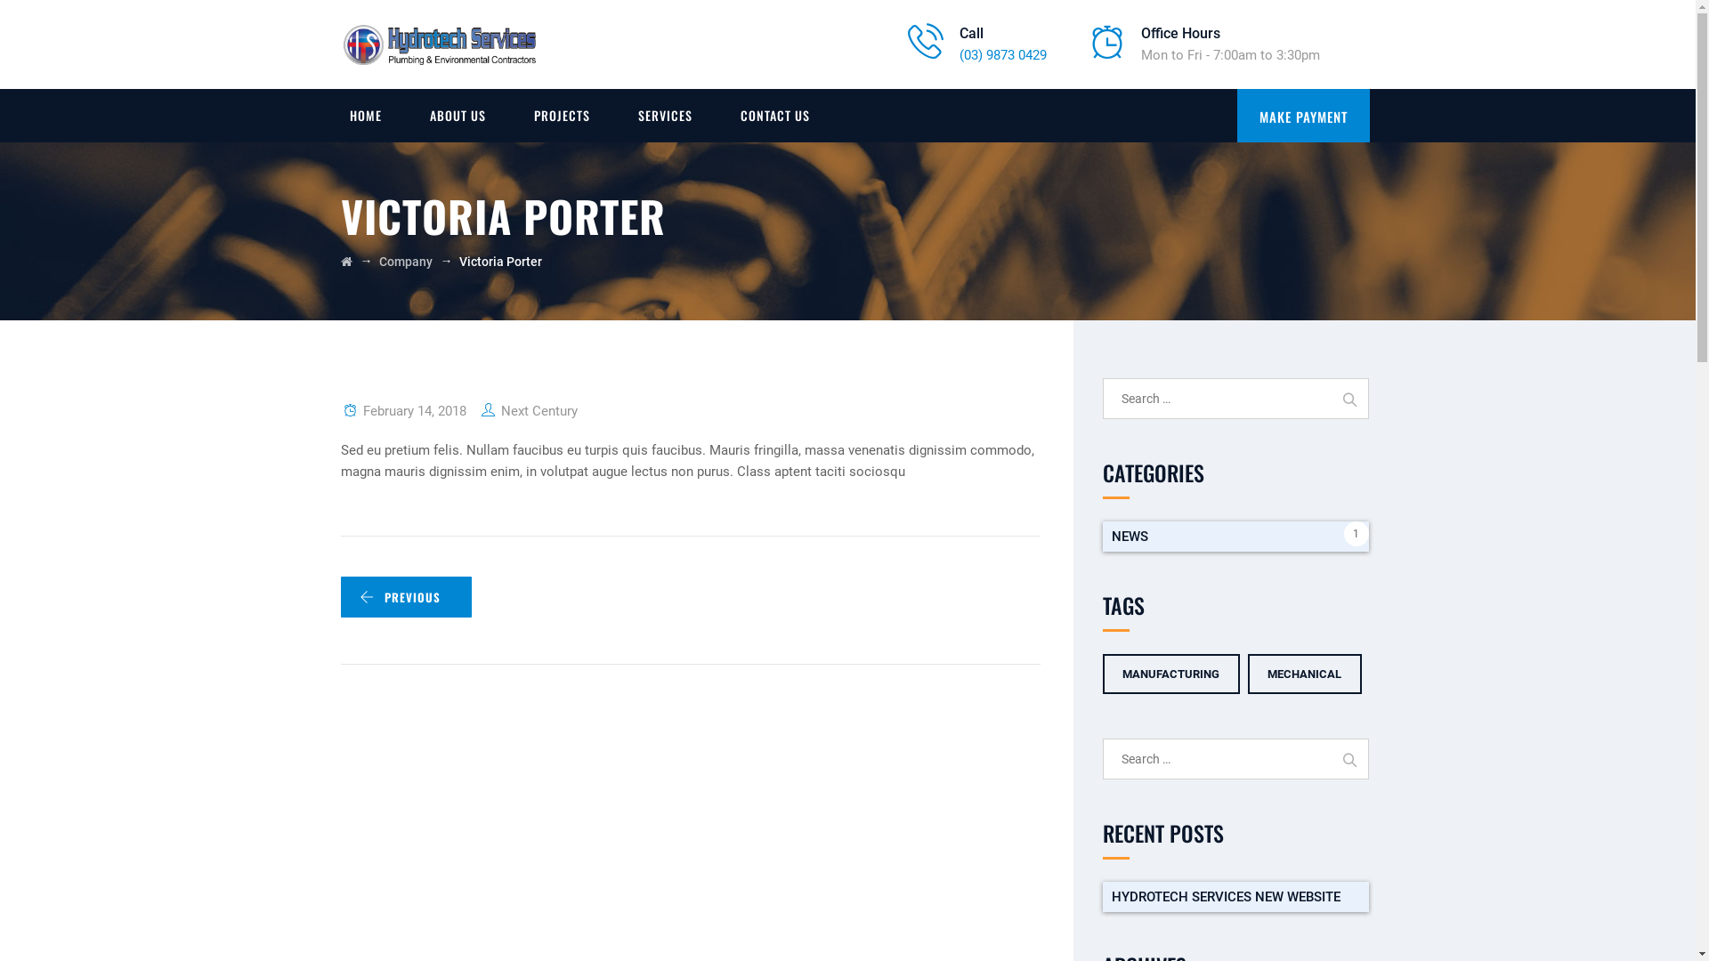  Describe the element at coordinates (458, 116) in the screenshot. I see `'ABOUT US'` at that location.